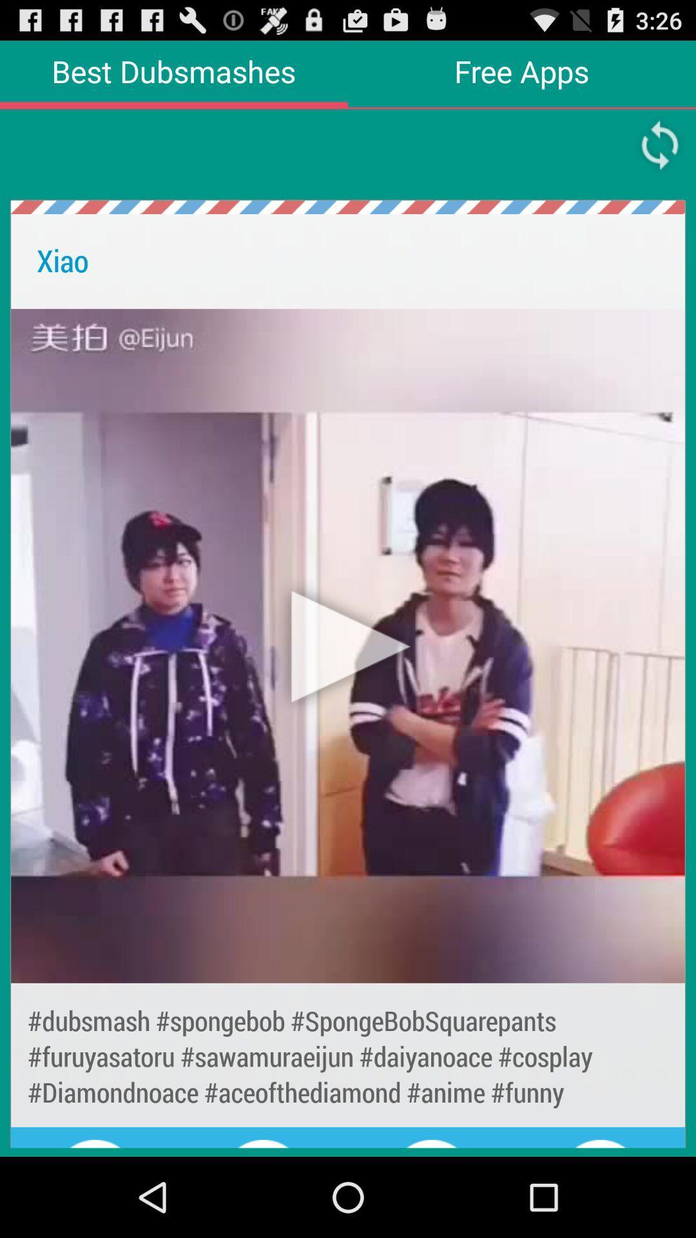 This screenshot has height=1238, width=696. I want to click on the refresh icon, so click(660, 155).